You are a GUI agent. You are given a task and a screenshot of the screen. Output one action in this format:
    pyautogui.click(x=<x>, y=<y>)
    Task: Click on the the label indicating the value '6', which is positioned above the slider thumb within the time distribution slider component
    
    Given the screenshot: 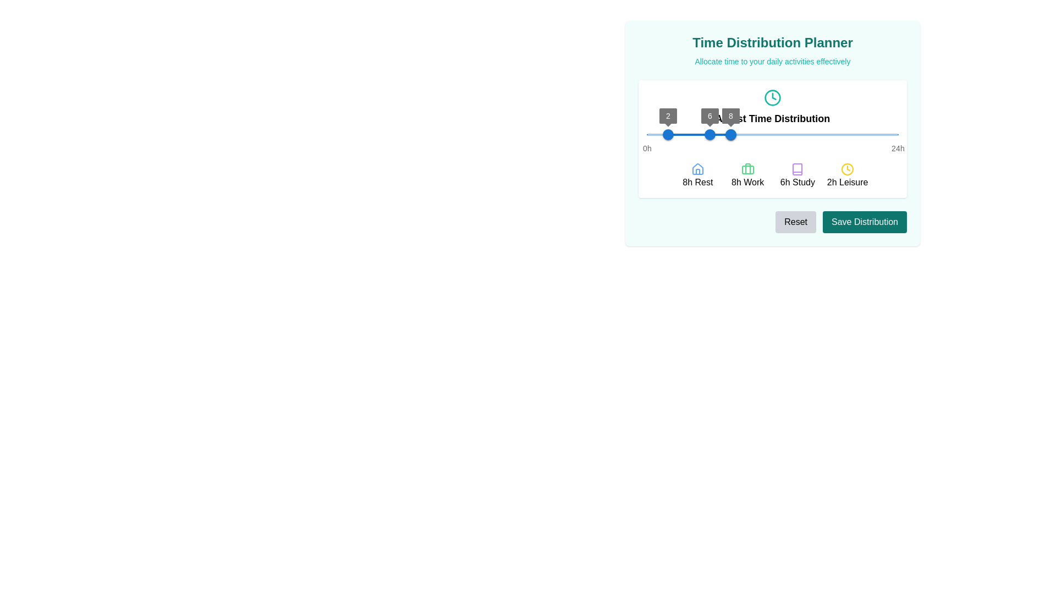 What is the action you would take?
    pyautogui.click(x=710, y=115)
    